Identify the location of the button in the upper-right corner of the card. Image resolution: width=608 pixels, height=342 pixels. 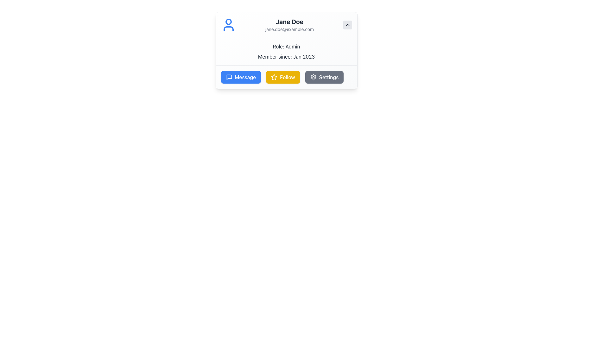
(347, 24).